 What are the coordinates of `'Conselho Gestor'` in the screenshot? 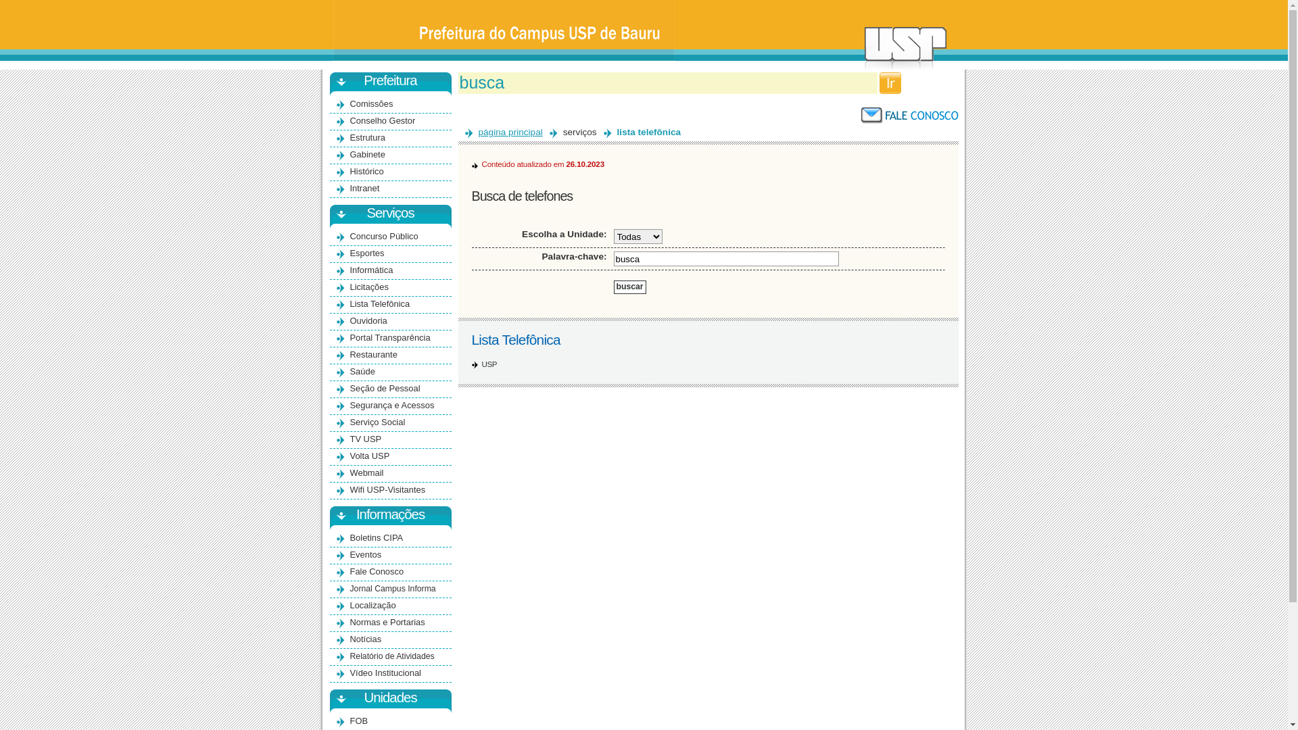 It's located at (382, 120).